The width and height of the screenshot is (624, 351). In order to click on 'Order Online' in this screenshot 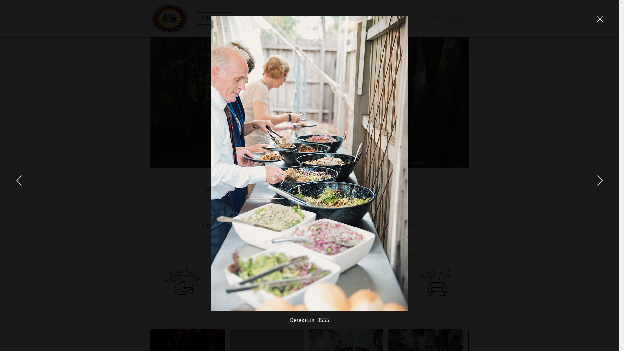, I will do `click(214, 18)`.